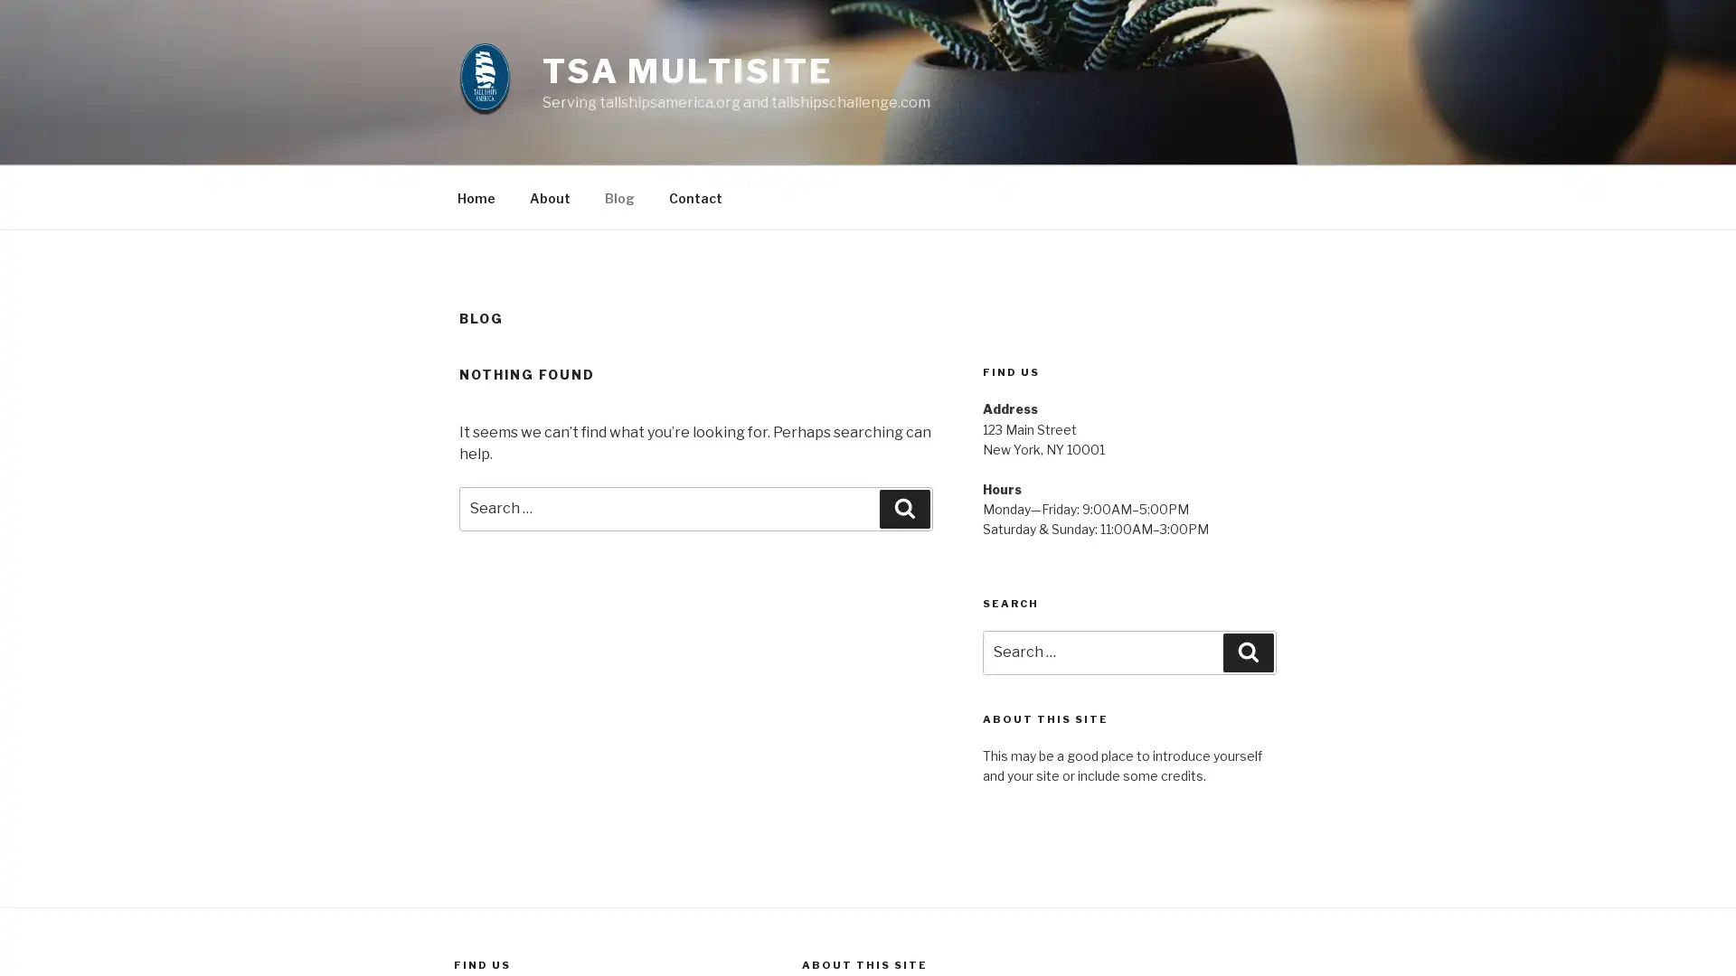  Describe the element at coordinates (905, 509) in the screenshot. I see `Search` at that location.